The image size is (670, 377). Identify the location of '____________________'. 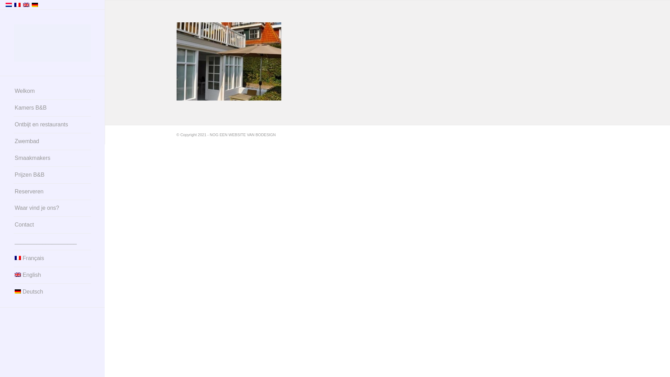
(52, 242).